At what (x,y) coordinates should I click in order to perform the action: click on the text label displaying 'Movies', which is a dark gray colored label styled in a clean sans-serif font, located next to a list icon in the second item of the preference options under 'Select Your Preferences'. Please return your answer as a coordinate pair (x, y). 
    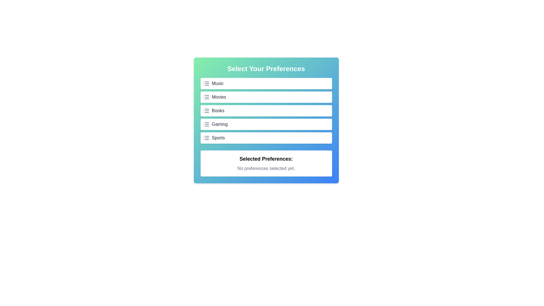
    Looking at the image, I should click on (218, 97).